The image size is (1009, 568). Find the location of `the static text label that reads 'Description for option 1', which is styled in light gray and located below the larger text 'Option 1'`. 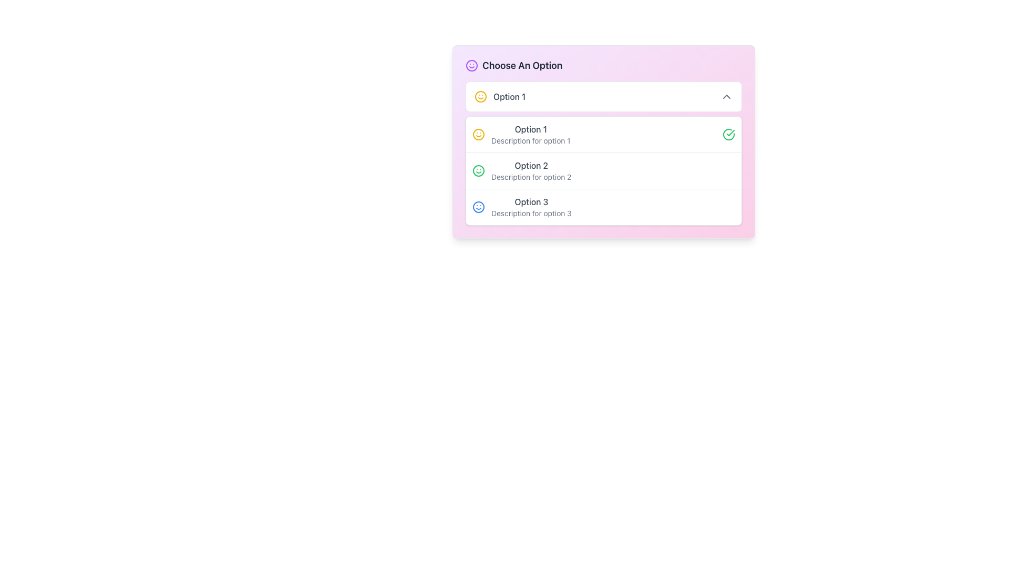

the static text label that reads 'Description for option 1', which is styled in light gray and located below the larger text 'Option 1' is located at coordinates (531, 140).